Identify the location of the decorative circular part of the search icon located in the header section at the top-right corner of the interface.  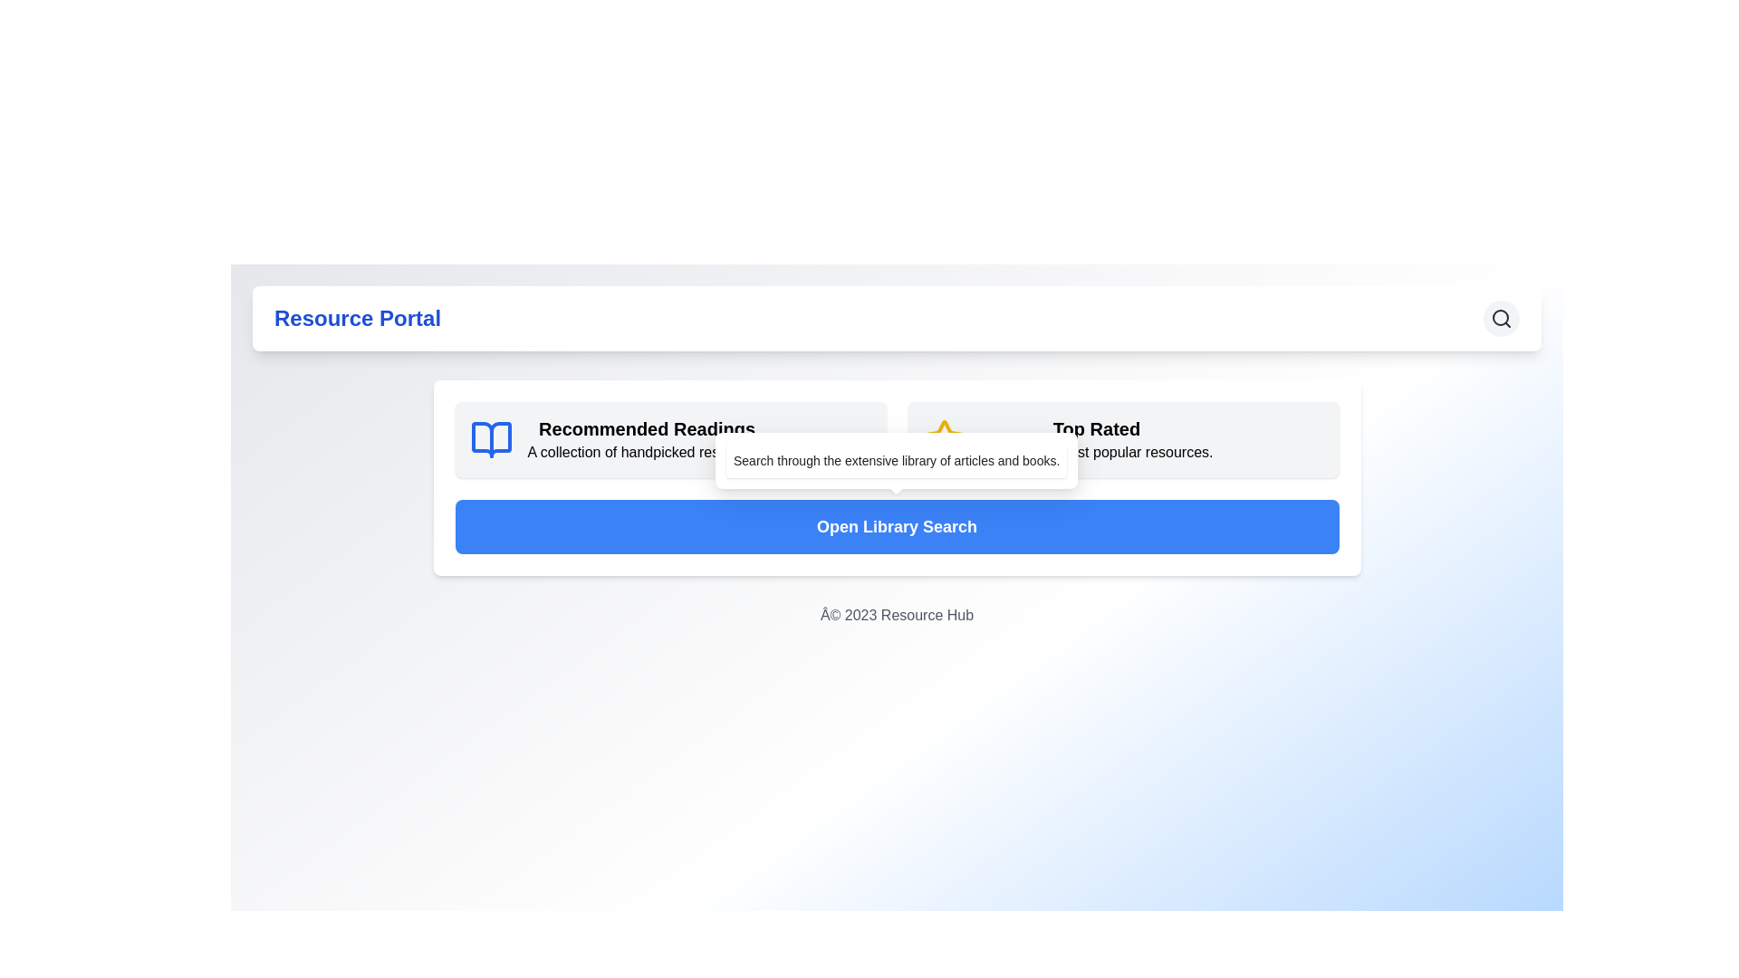
(1500, 317).